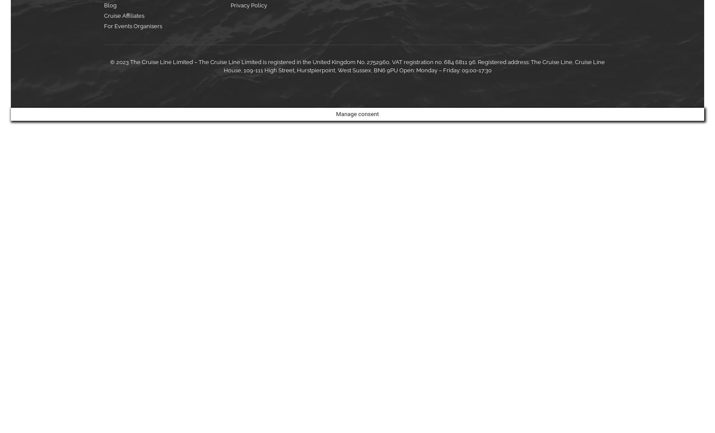 Image resolution: width=715 pixels, height=433 pixels. I want to click on 'Cruise Affiliates', so click(103, 16).